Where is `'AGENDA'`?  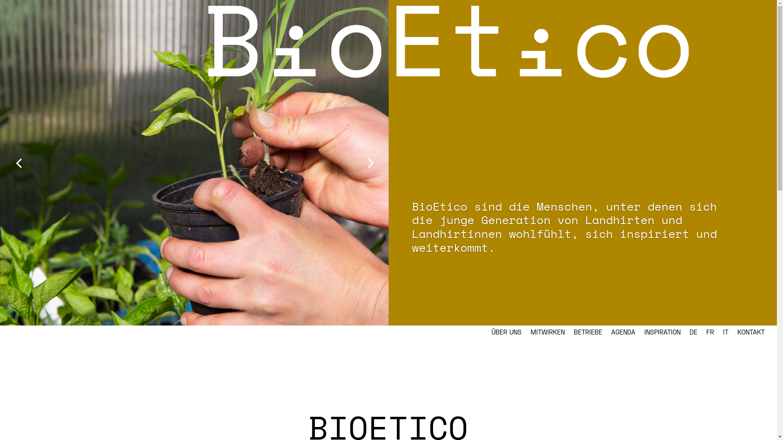 'AGENDA' is located at coordinates (623, 333).